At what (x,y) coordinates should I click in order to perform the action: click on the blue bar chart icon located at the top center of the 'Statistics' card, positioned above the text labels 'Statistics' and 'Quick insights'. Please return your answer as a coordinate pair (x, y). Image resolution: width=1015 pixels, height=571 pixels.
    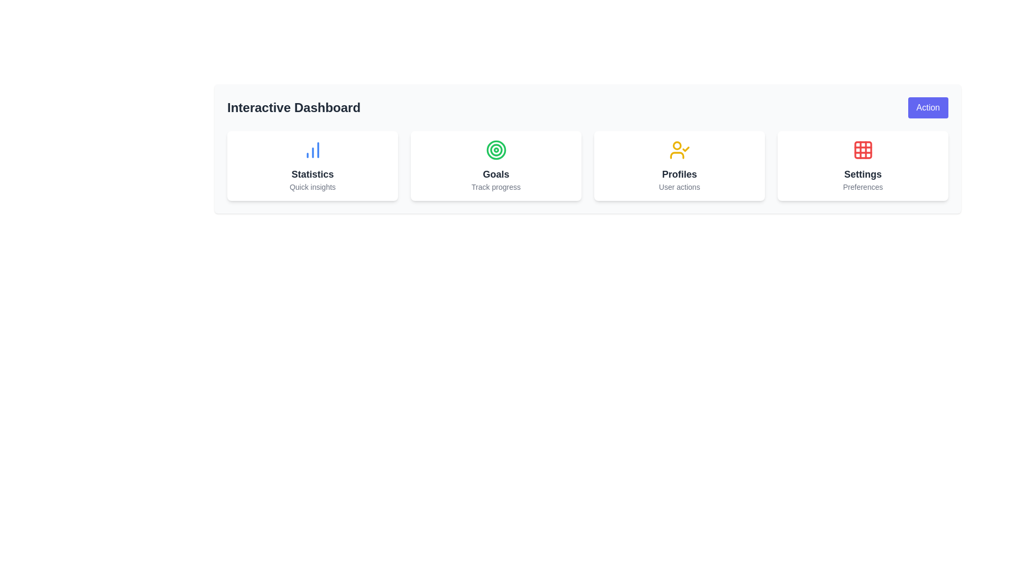
    Looking at the image, I should click on (312, 150).